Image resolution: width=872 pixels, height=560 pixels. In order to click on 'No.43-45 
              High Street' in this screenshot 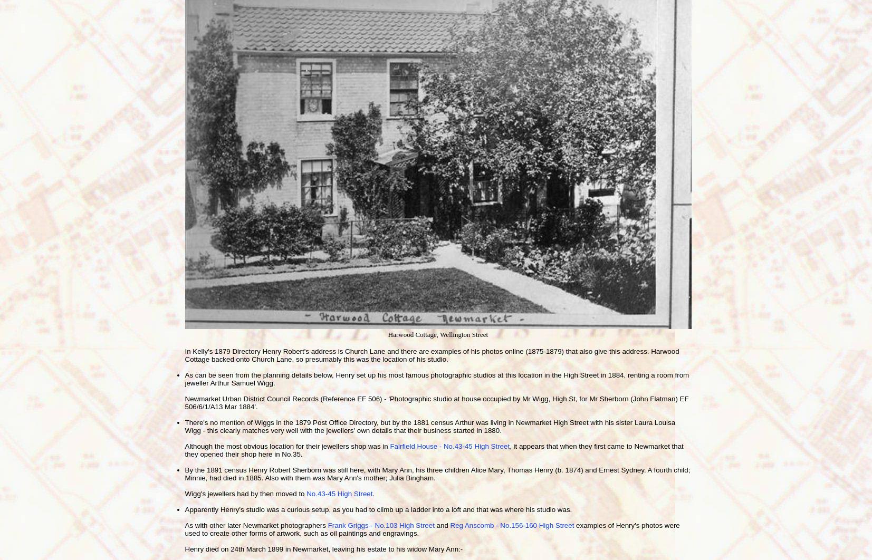, I will do `click(339, 493)`.